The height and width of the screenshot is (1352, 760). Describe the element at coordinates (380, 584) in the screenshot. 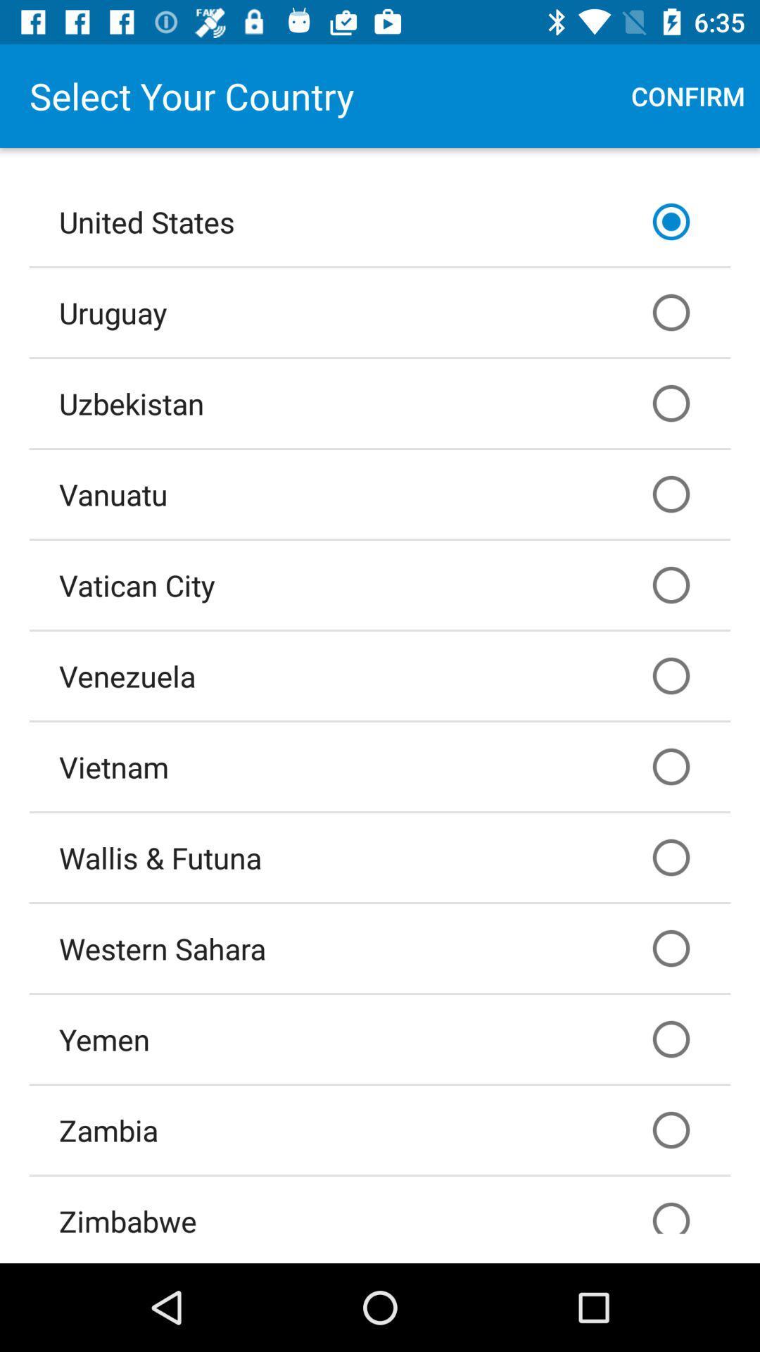

I see `vatican city item` at that location.